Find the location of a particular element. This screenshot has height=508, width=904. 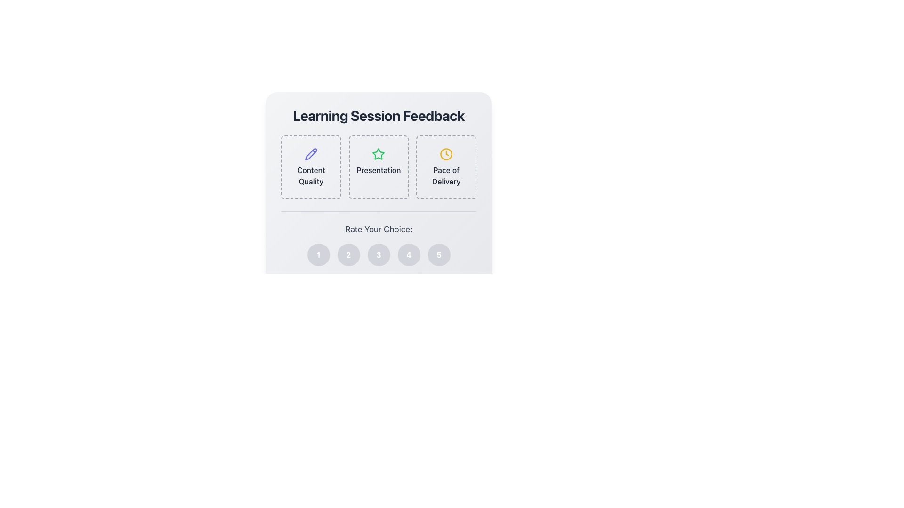

the 'Content Quality' text label, which is styled in medium-weight gray font and located below an icon within a dashed bordered rectangular area is located at coordinates (311, 176).